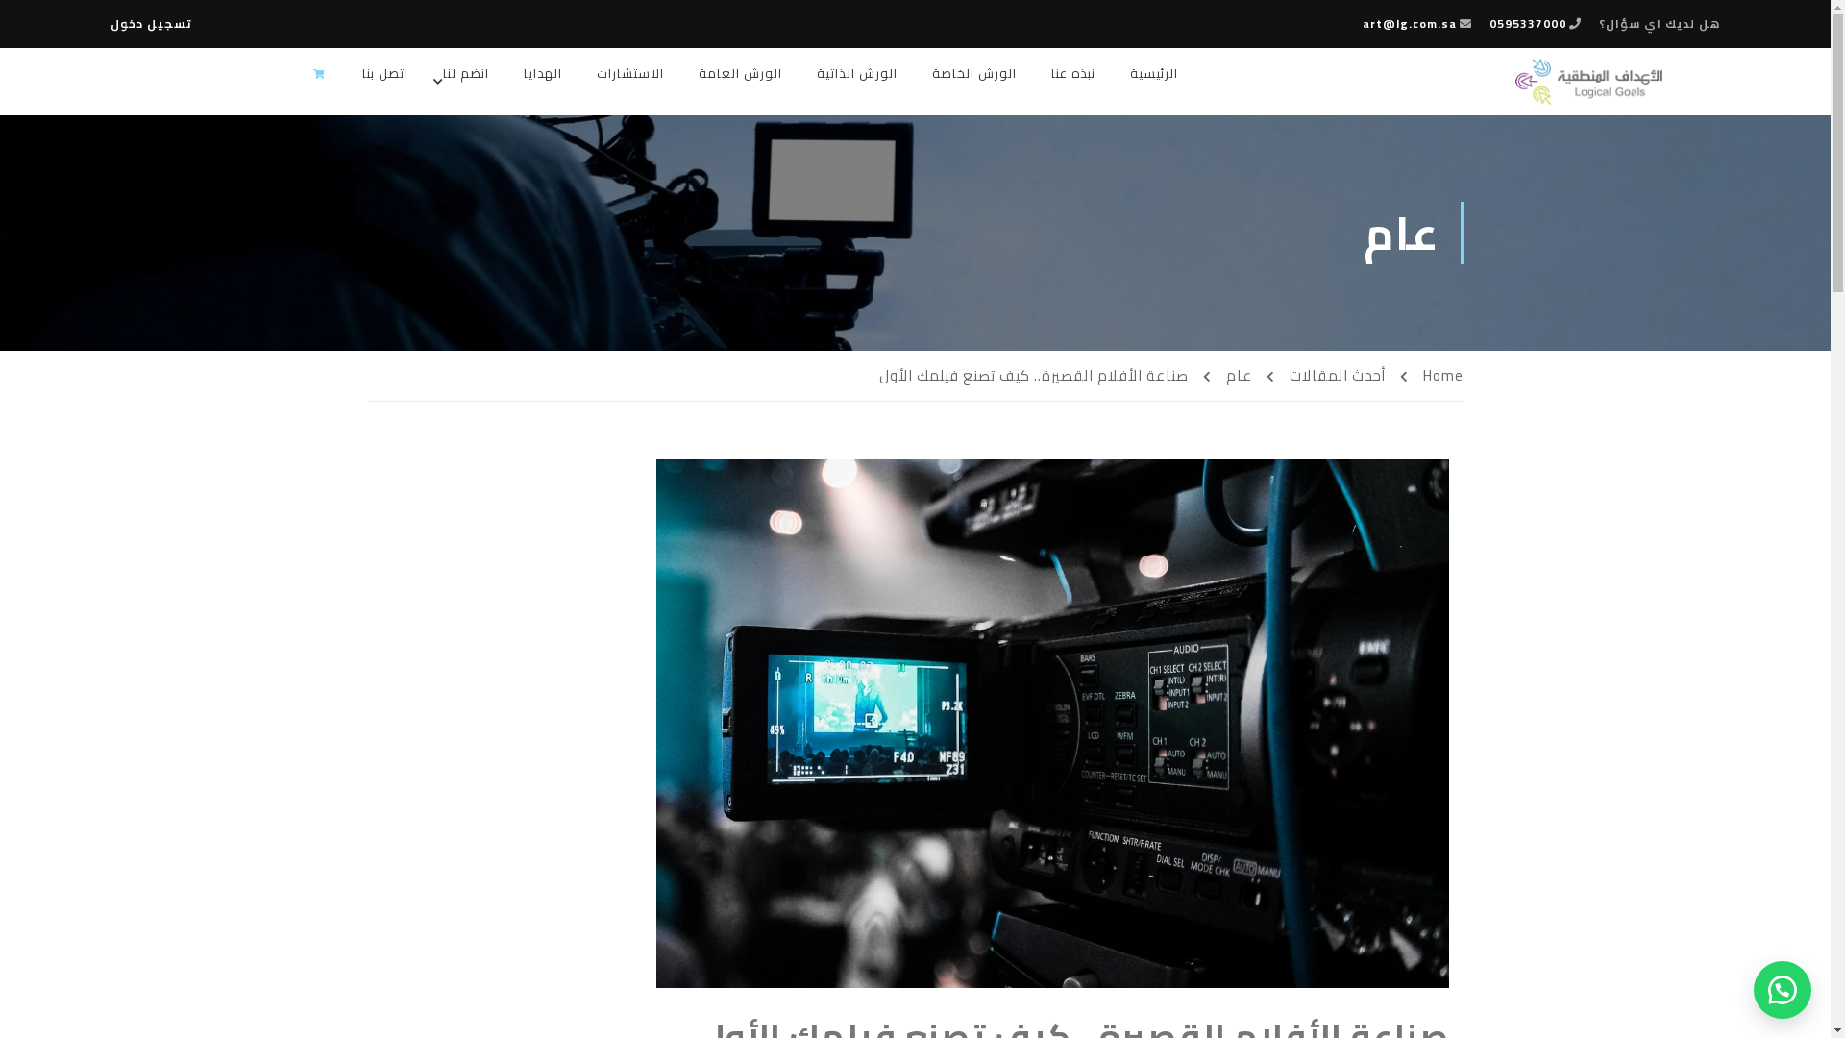  Describe the element at coordinates (1430, 375) in the screenshot. I see `'Home'` at that location.